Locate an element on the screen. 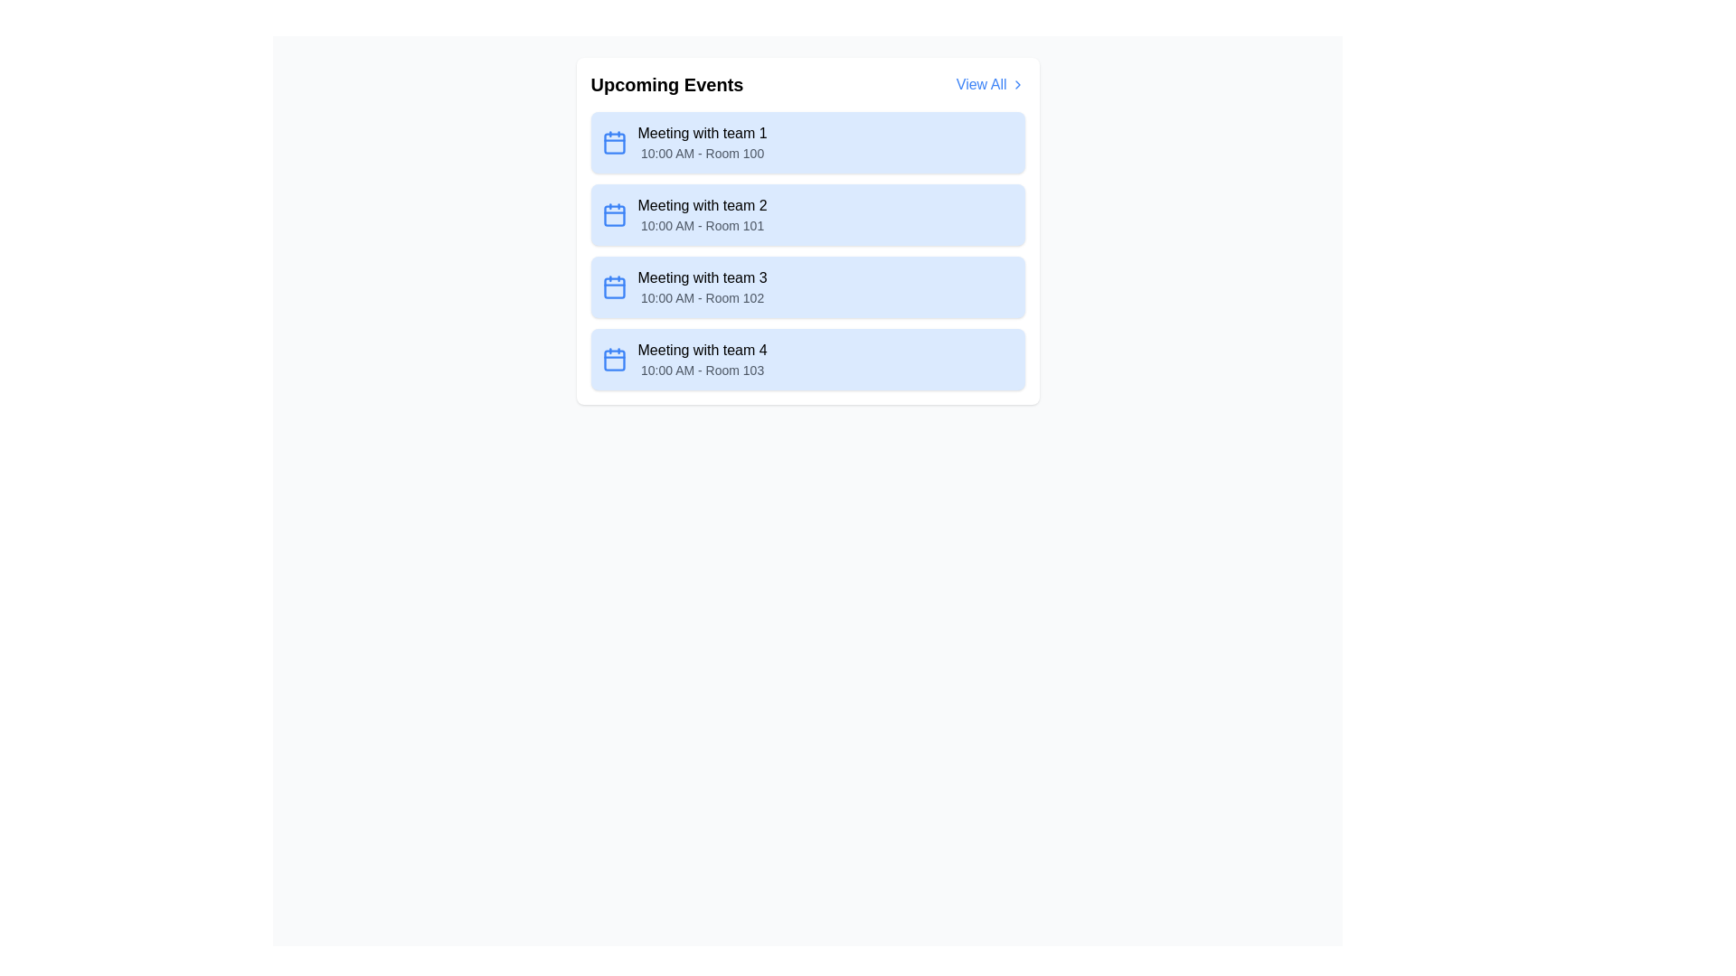  the third event entry in the 'Upcoming Events' list is located at coordinates (702, 286).